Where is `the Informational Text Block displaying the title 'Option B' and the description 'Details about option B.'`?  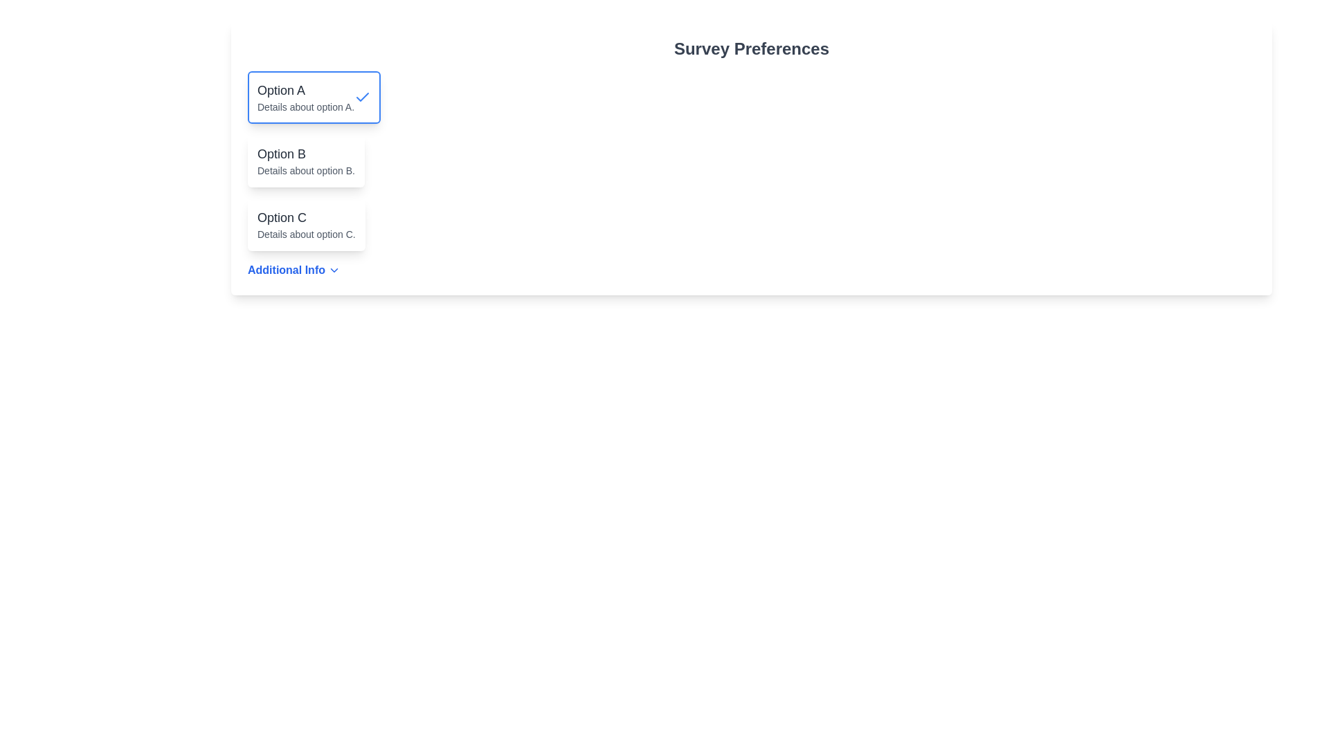
the Informational Text Block displaying the title 'Option B' and the description 'Details about option B.' is located at coordinates (305, 160).